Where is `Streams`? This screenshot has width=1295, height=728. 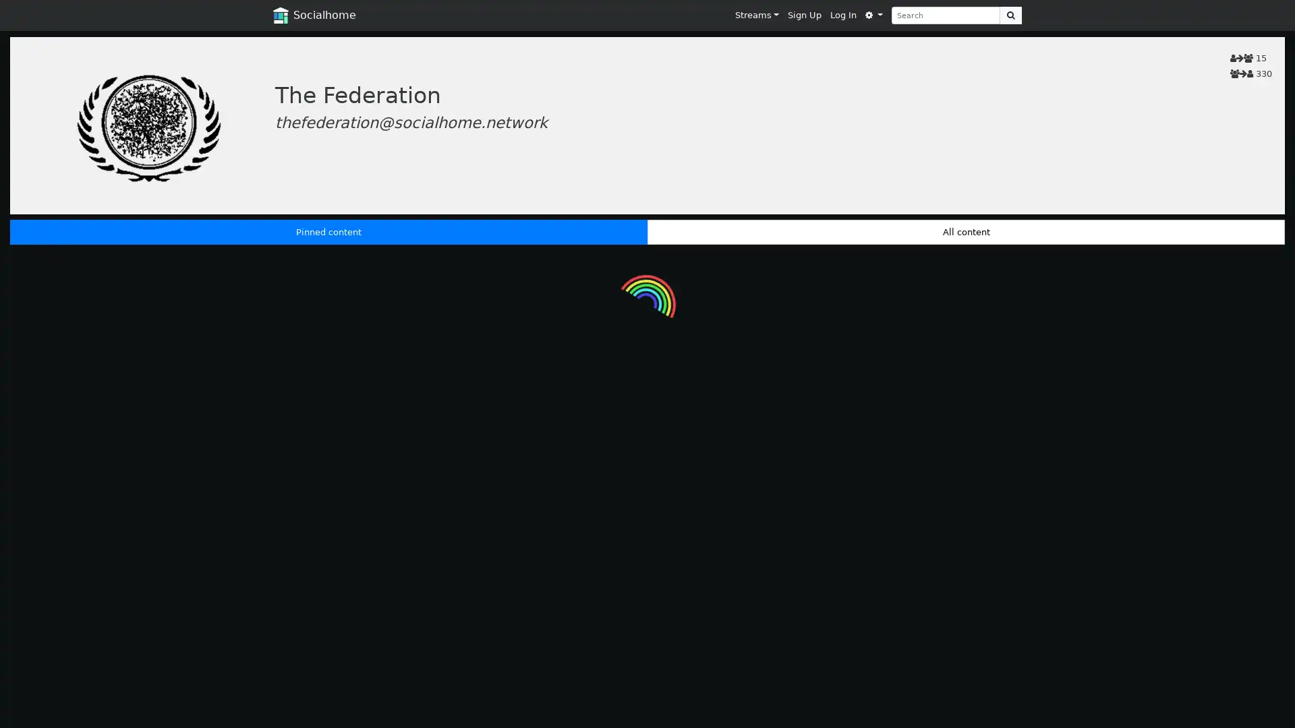
Streams is located at coordinates (757, 15).